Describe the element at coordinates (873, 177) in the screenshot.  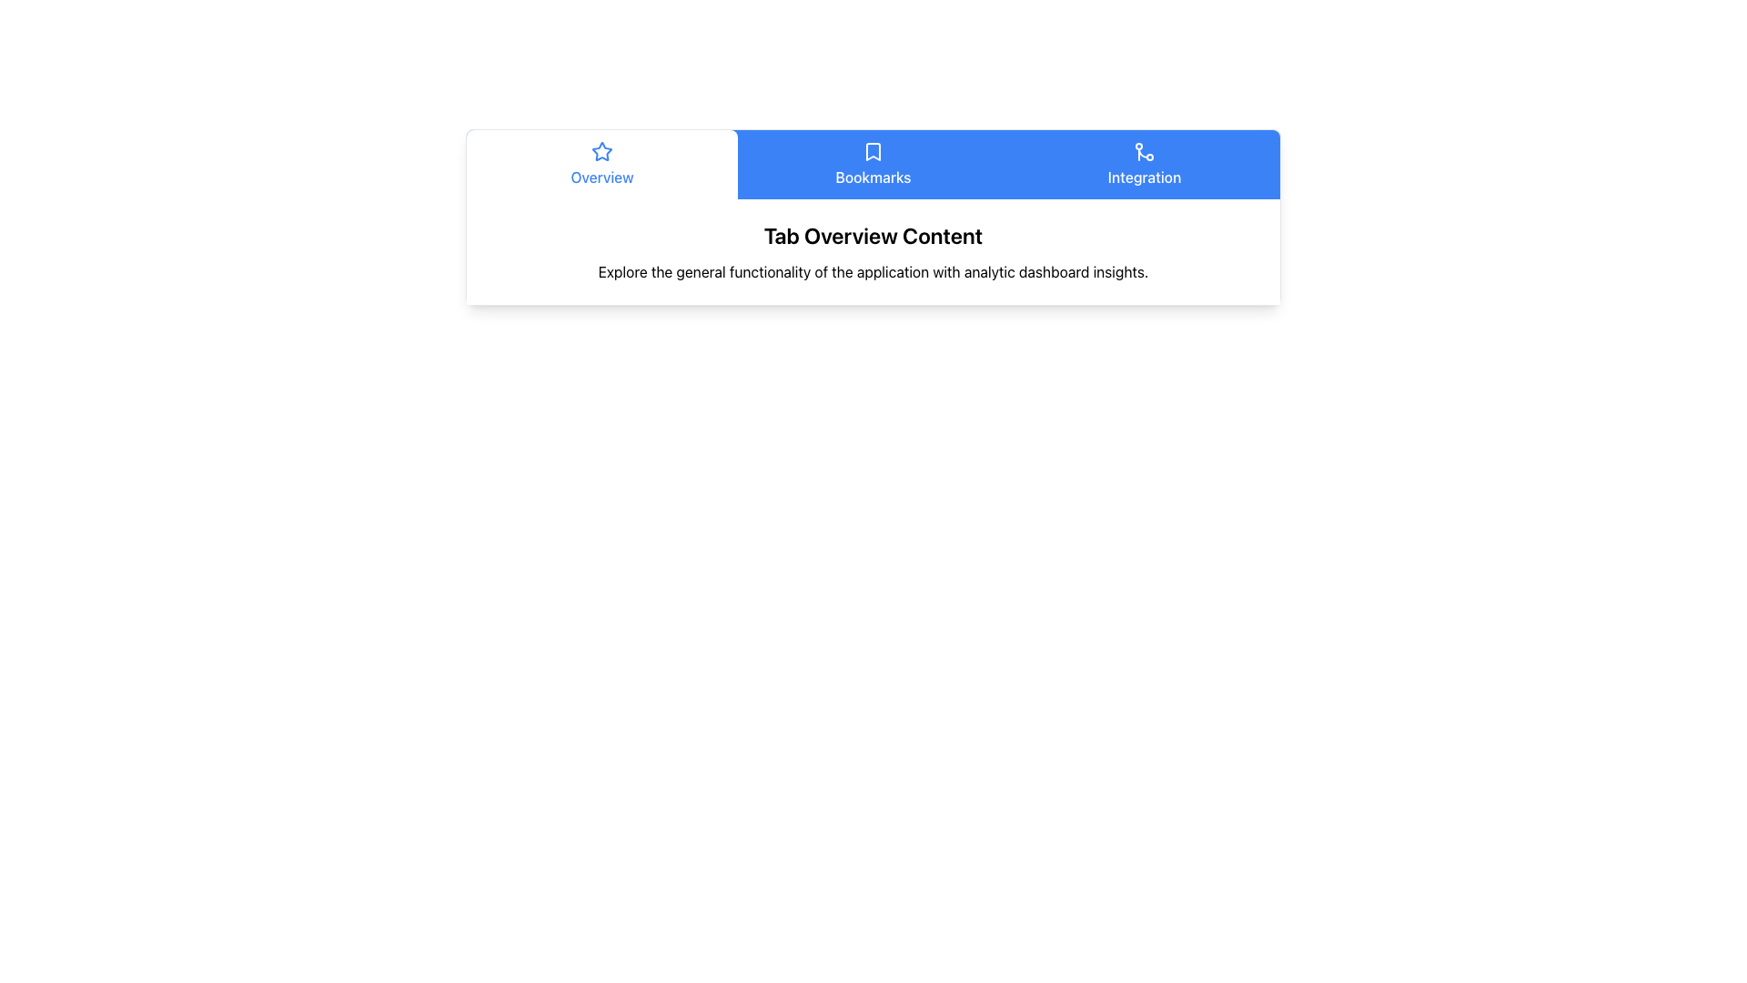
I see `the text label displaying 'Bookmarks' in white on a blue background, which is centered in the tabbed navigation bar and indicates its active state` at that location.